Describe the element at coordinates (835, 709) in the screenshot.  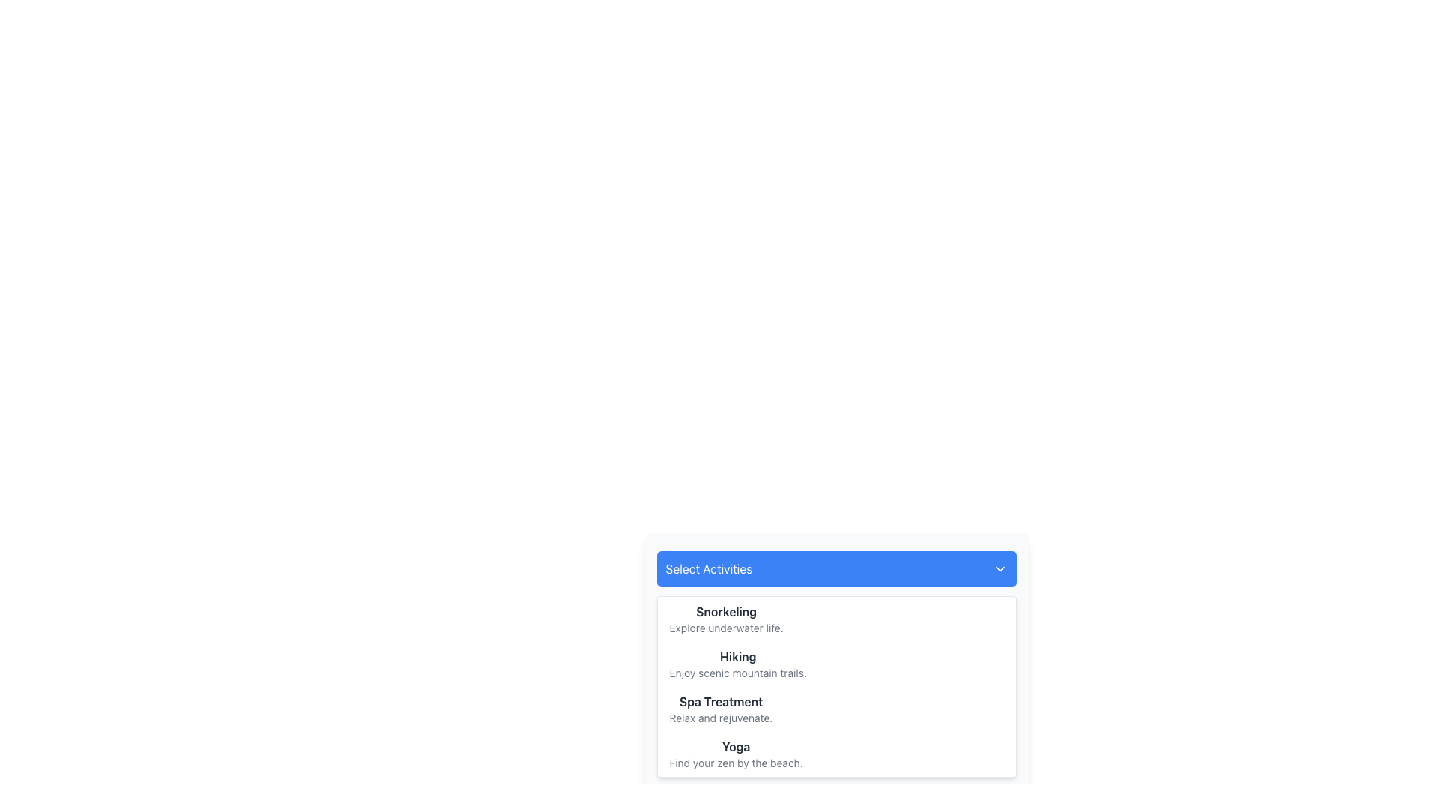
I see `the 'Spa Treatment' menu option, which is the third selectable activity in the list` at that location.